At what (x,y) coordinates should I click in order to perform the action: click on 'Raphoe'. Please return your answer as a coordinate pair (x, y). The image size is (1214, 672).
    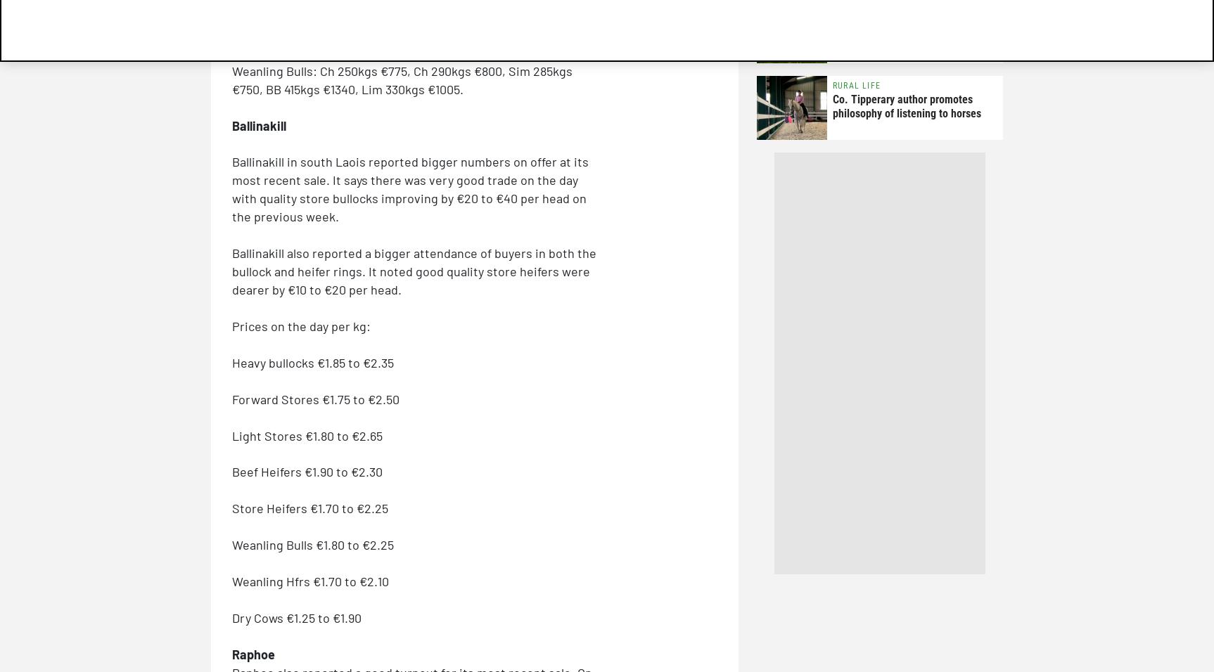
    Looking at the image, I should click on (253, 653).